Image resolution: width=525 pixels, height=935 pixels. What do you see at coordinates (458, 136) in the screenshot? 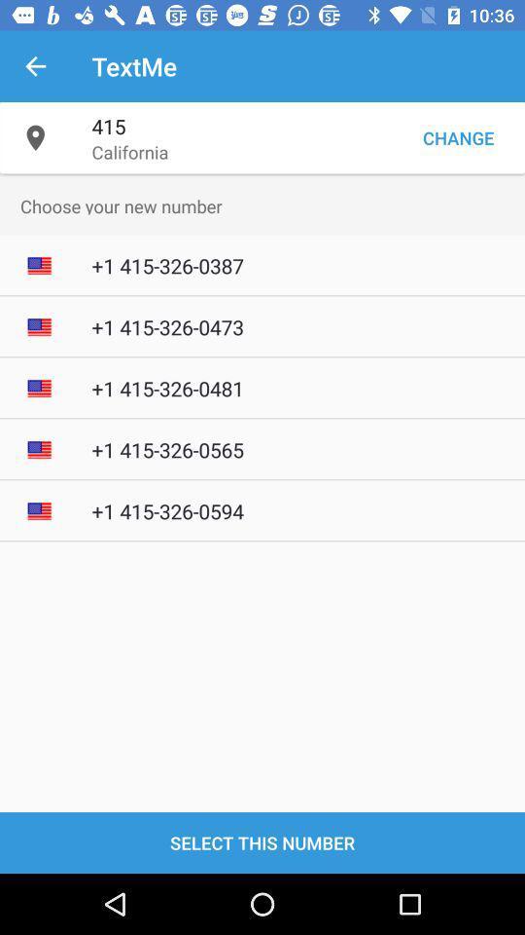
I see `item next to the california icon` at bounding box center [458, 136].